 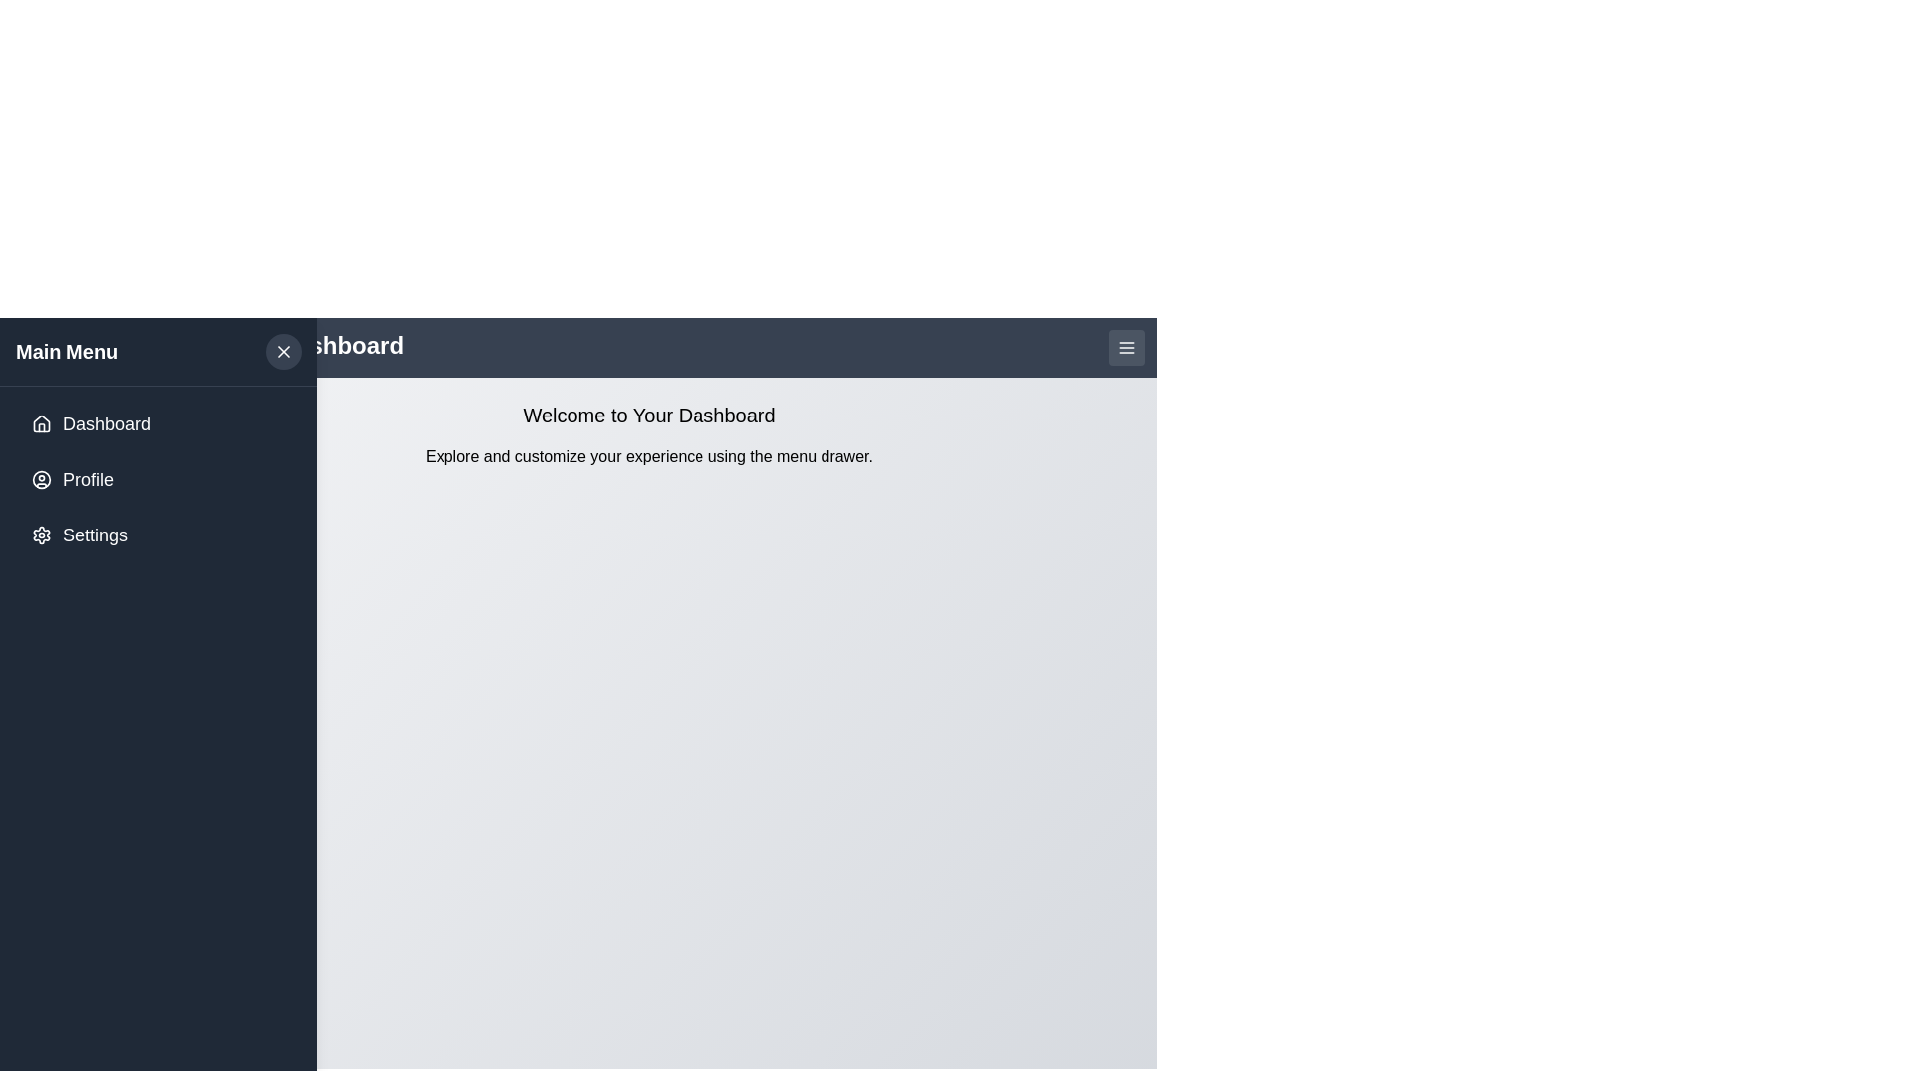 What do you see at coordinates (42, 423) in the screenshot?
I see `the 'Dashboard' icon located at the top of the left sidebar, positioned to the left of the 'Dashboard' text label` at bounding box center [42, 423].